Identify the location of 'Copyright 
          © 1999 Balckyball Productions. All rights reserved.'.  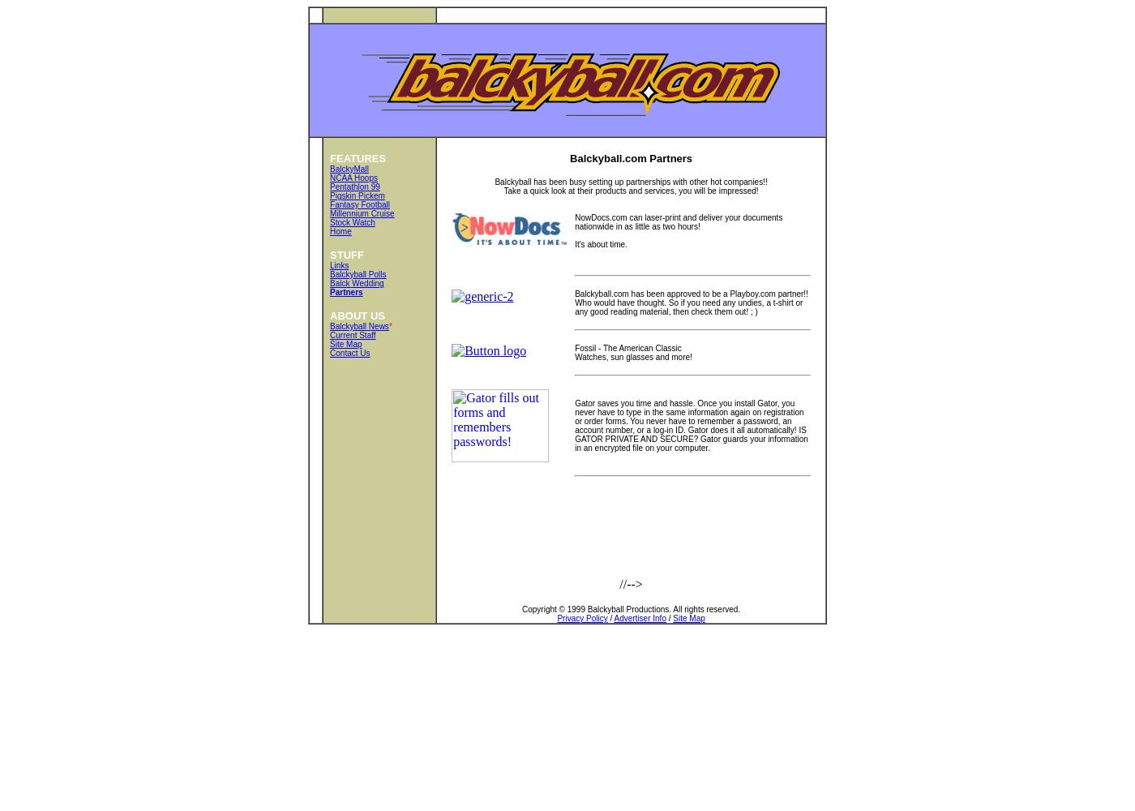
(631, 609).